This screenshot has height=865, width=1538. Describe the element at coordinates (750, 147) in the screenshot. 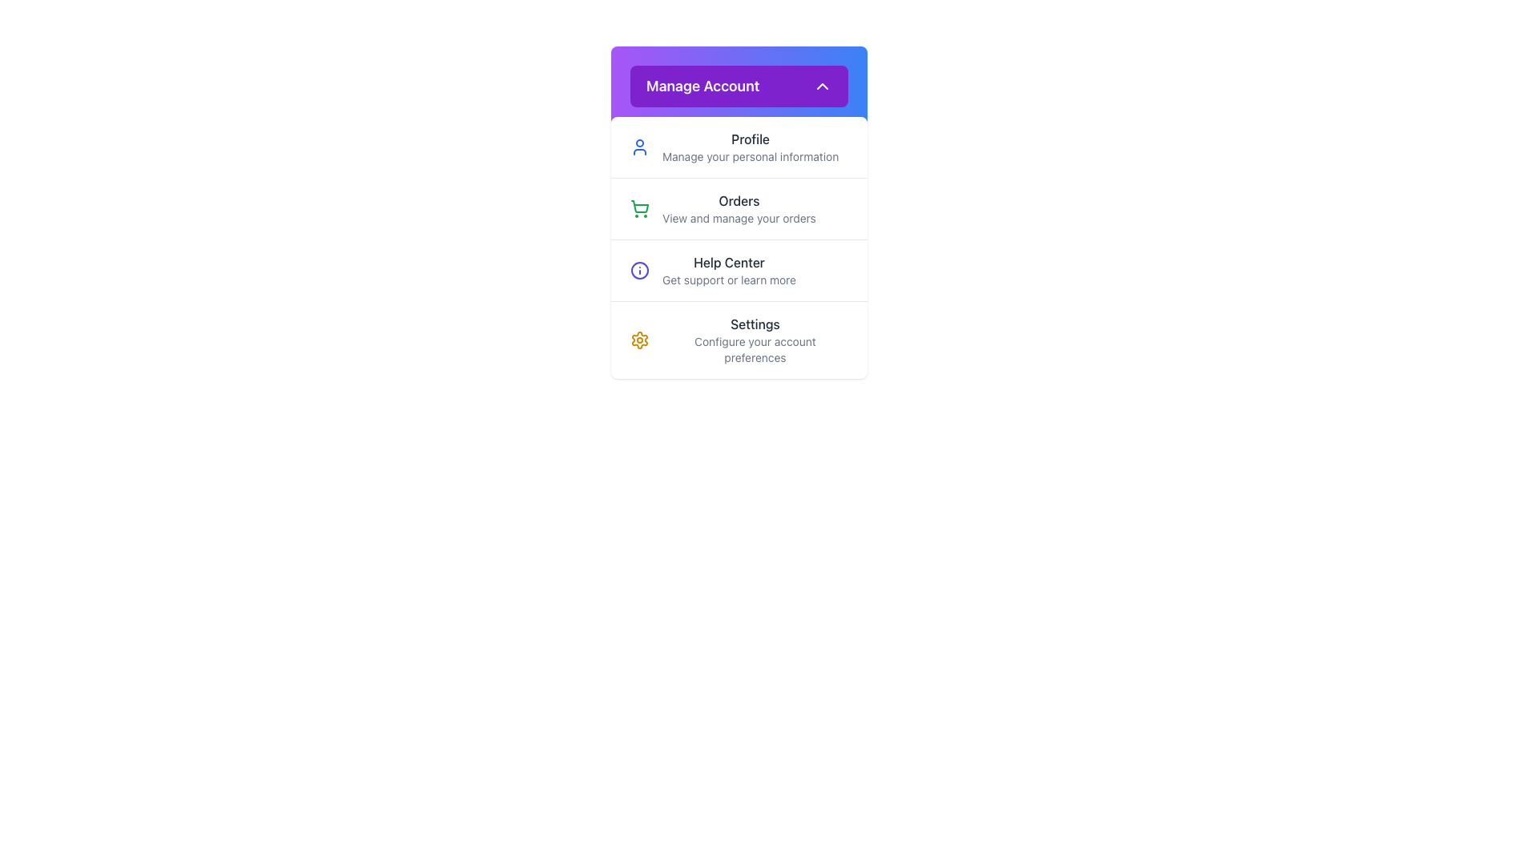

I see `the 'Profile' menu item that features a bold title and a description about managing personal information, located below the 'Manage Account' section` at that location.